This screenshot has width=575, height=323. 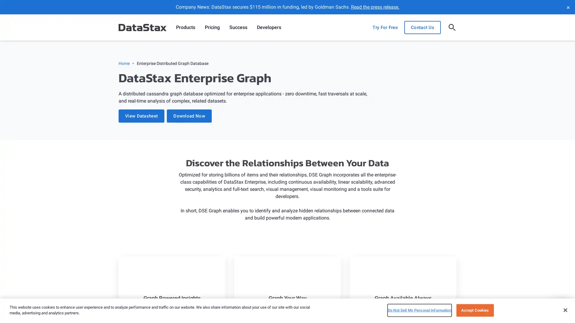 I want to click on Developers, so click(x=269, y=28).